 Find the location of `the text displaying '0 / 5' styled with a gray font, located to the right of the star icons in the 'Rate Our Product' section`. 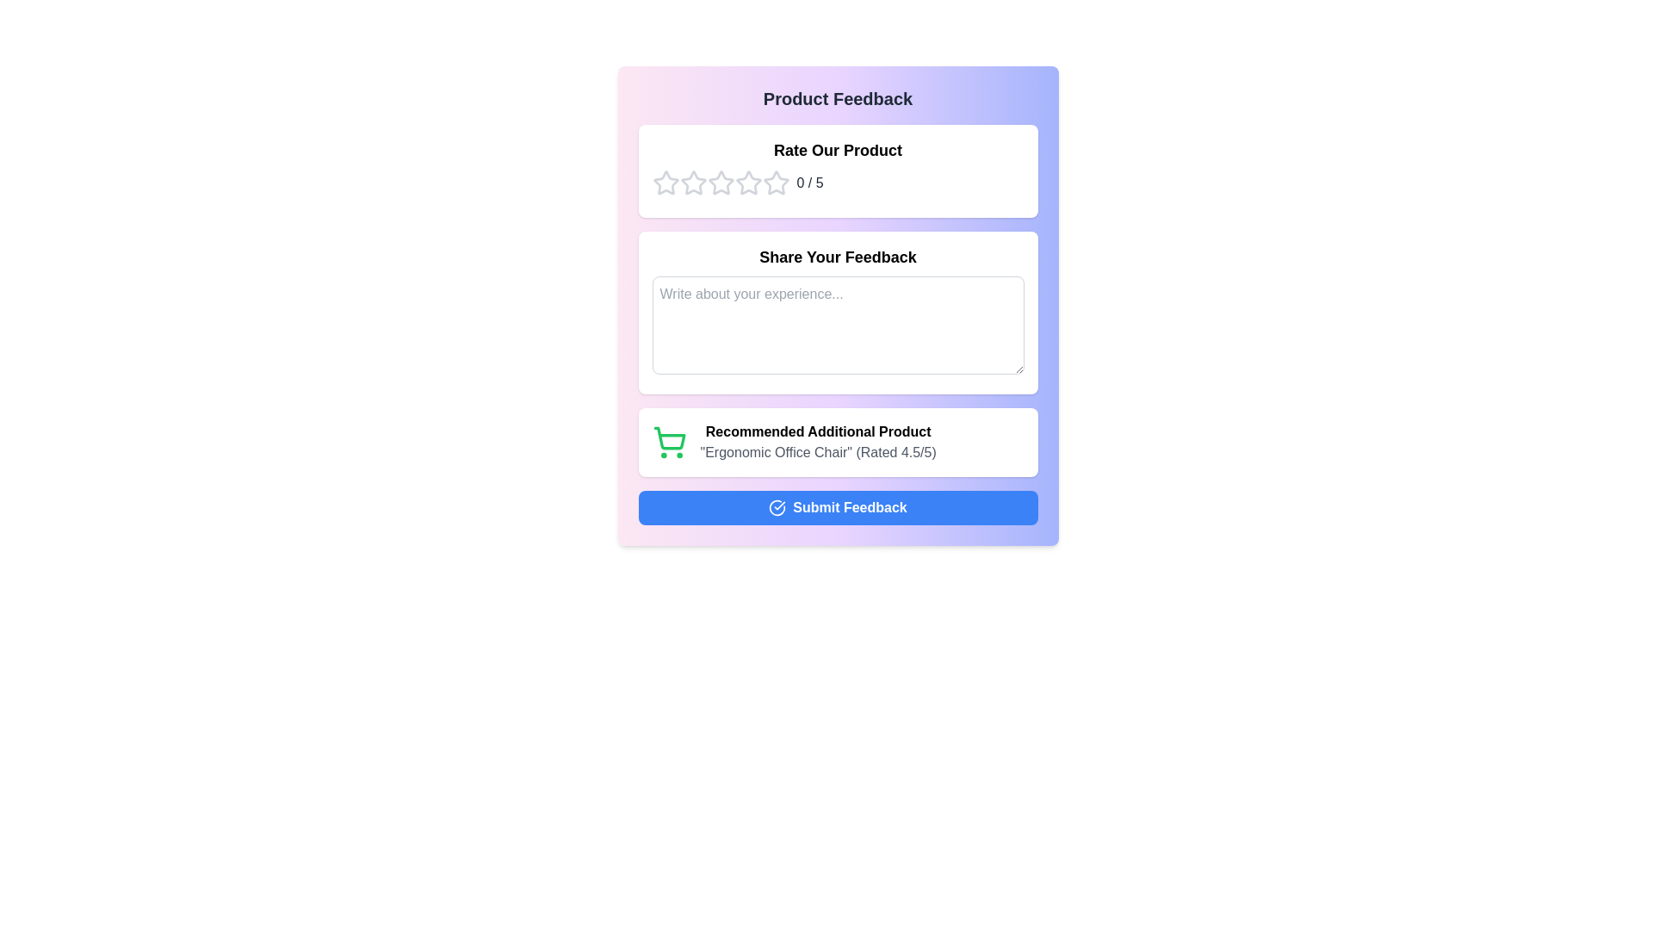

the text displaying '0 / 5' styled with a gray font, located to the right of the star icons in the 'Rate Our Product' section is located at coordinates (808, 183).